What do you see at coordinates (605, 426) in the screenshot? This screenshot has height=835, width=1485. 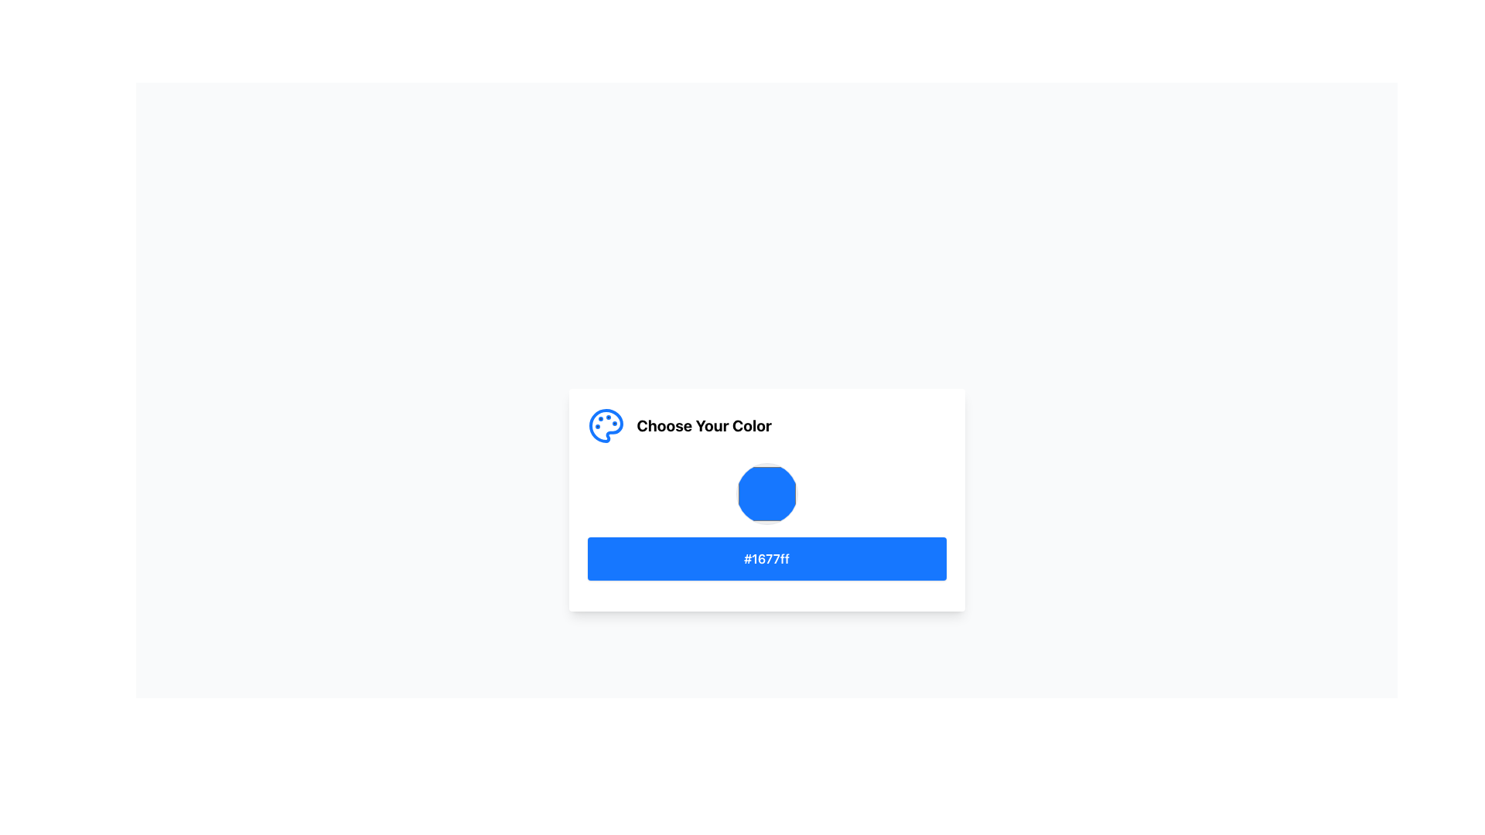 I see `the SVG palette icon, which is a rounded graphic with a blue stroke located to the left of the 'Choose Your Color' text` at bounding box center [605, 426].